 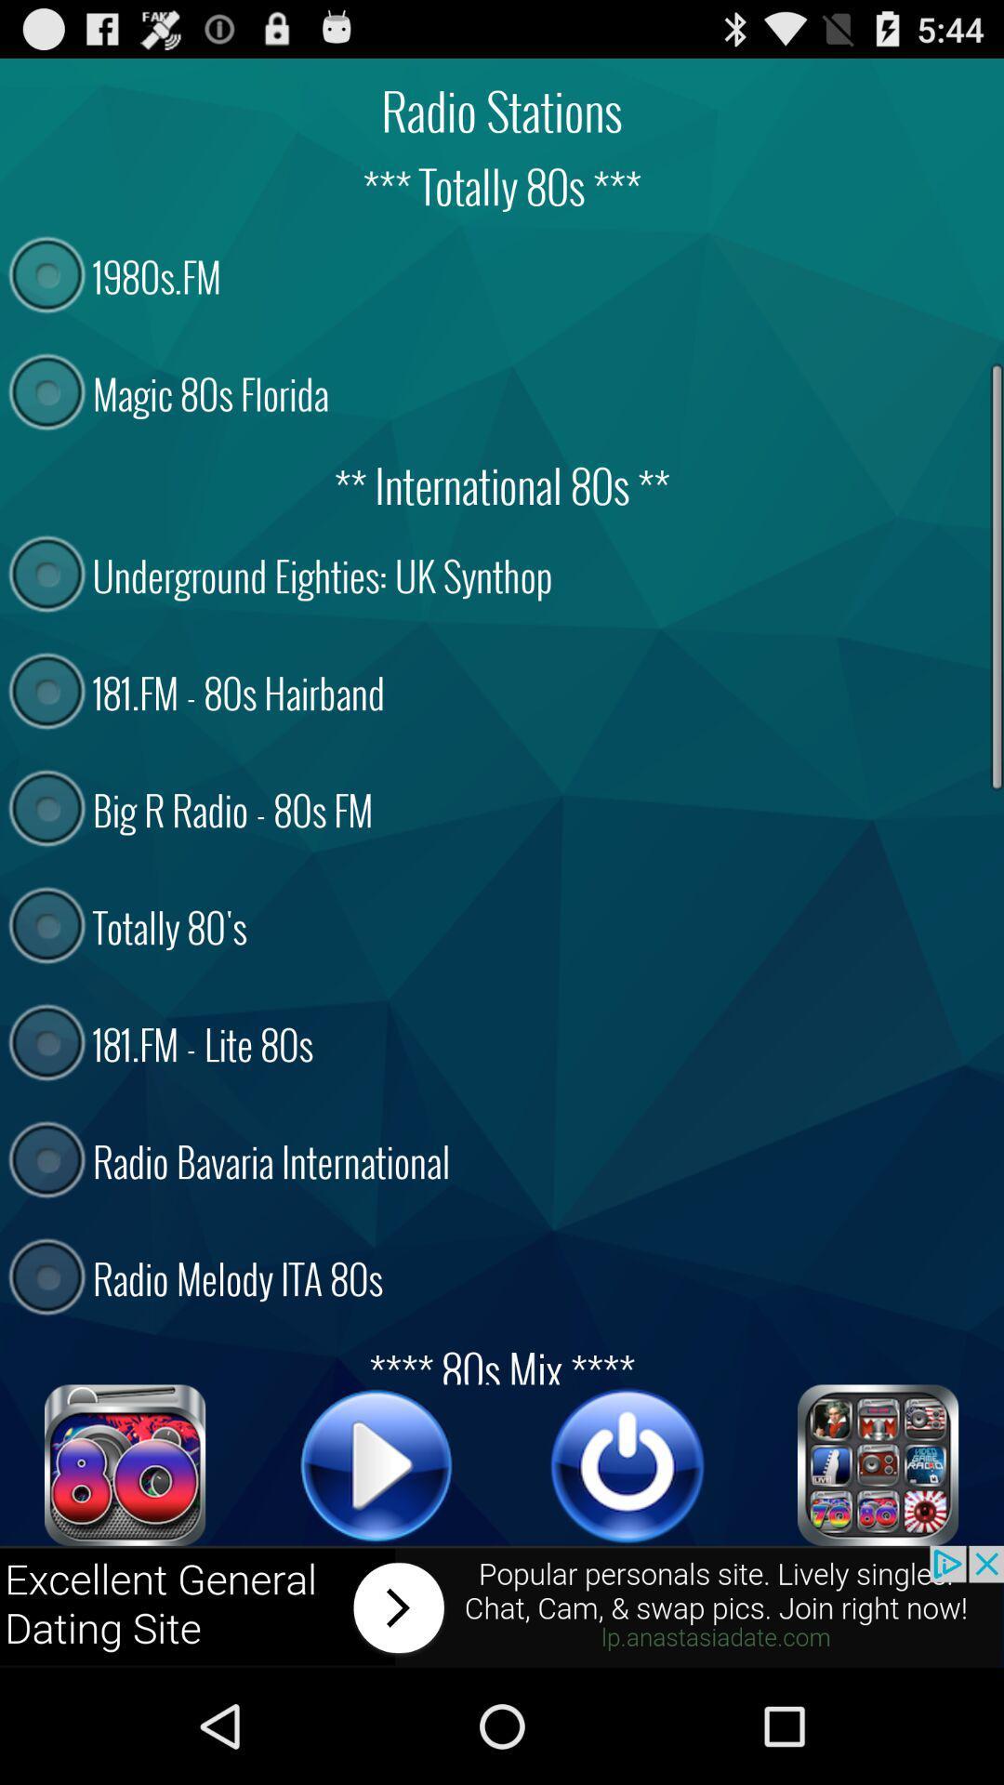 I want to click on the play icon, so click(x=376, y=1567).